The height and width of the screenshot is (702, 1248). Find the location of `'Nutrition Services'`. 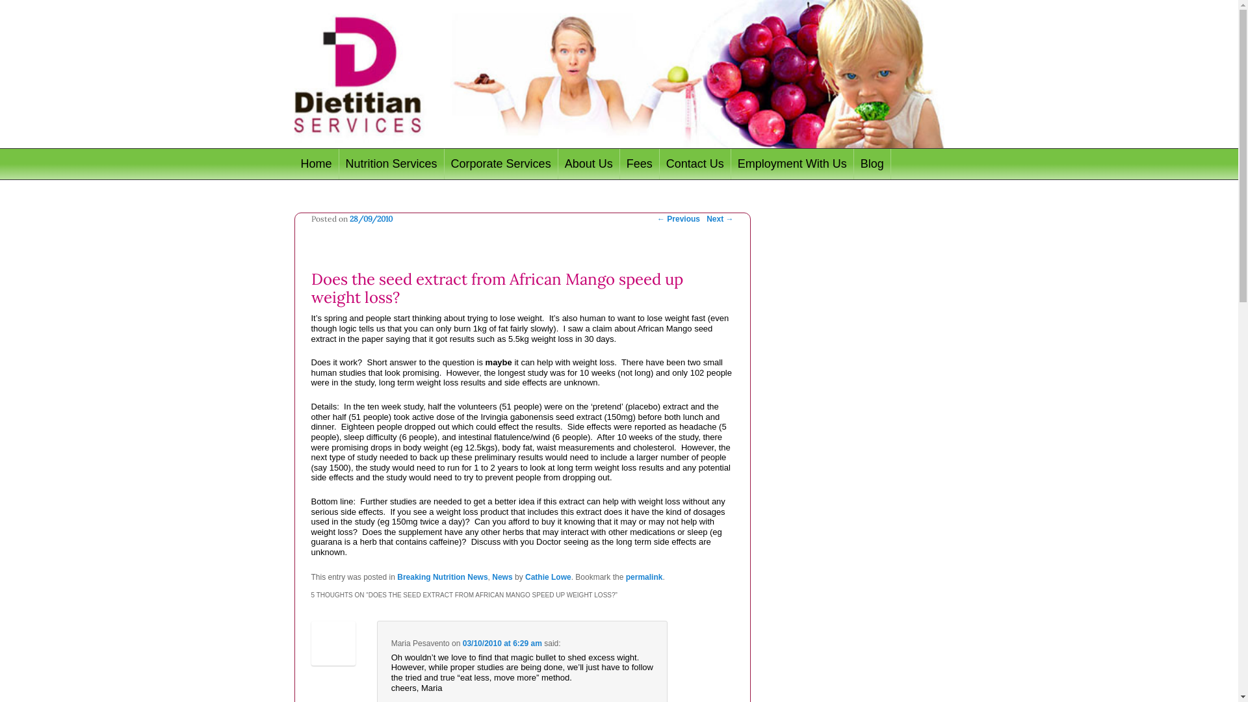

'Nutrition Services' is located at coordinates (391, 163).